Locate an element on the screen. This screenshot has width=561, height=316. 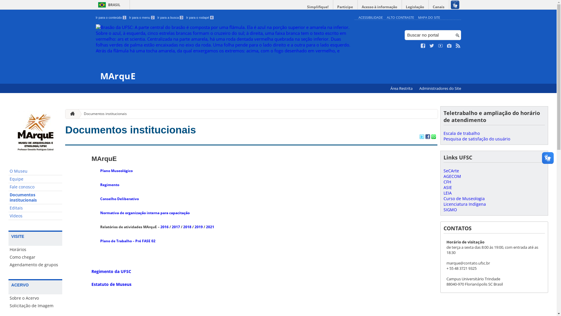
'Veja no Instagram' is located at coordinates (449, 46).